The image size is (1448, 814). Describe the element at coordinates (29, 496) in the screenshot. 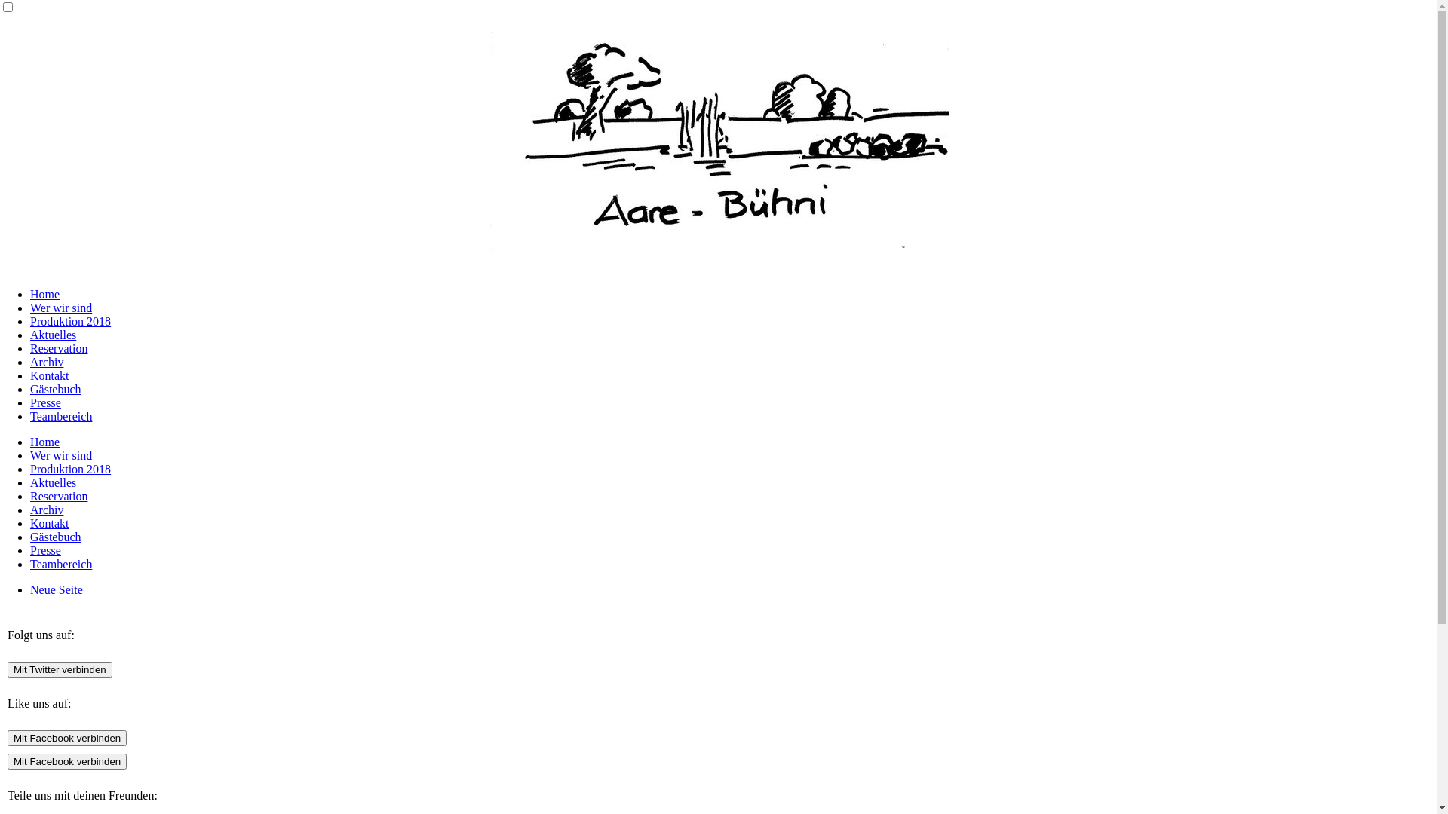

I see `'Reservation'` at that location.